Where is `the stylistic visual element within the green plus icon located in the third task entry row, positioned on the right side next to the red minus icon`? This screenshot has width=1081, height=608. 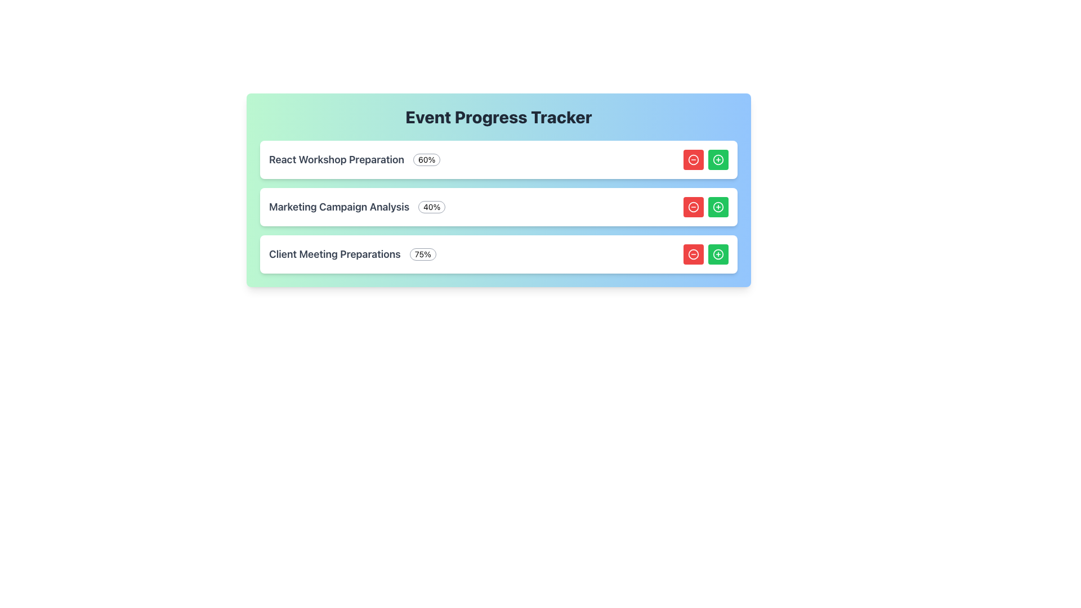 the stylistic visual element within the green plus icon located in the third task entry row, positioned on the right side next to the red minus icon is located at coordinates (718, 254).